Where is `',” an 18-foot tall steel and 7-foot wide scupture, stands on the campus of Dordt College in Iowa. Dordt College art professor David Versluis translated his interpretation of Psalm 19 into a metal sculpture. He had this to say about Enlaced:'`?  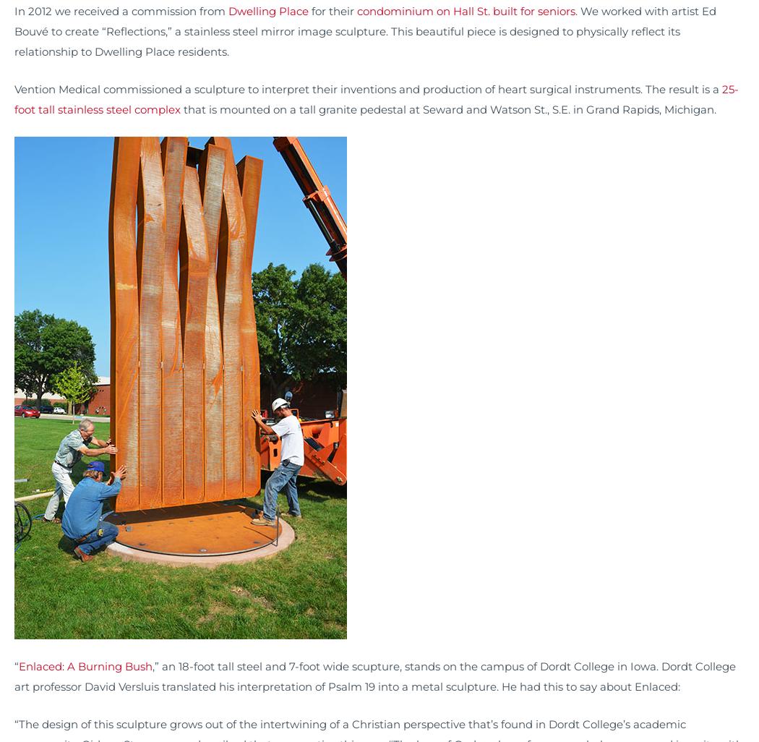 ',” an 18-foot tall steel and 7-foot wide scupture, stands on the campus of Dordt College in Iowa. Dordt College art professor David Versluis translated his interpretation of Psalm 19 into a metal sculpture. He had this to say about Enlaced:' is located at coordinates (374, 676).